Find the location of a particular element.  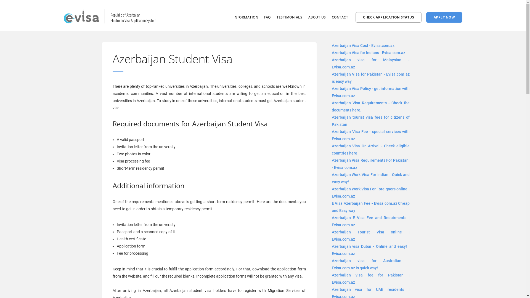

'TESTIMONIALS' is located at coordinates (289, 17).